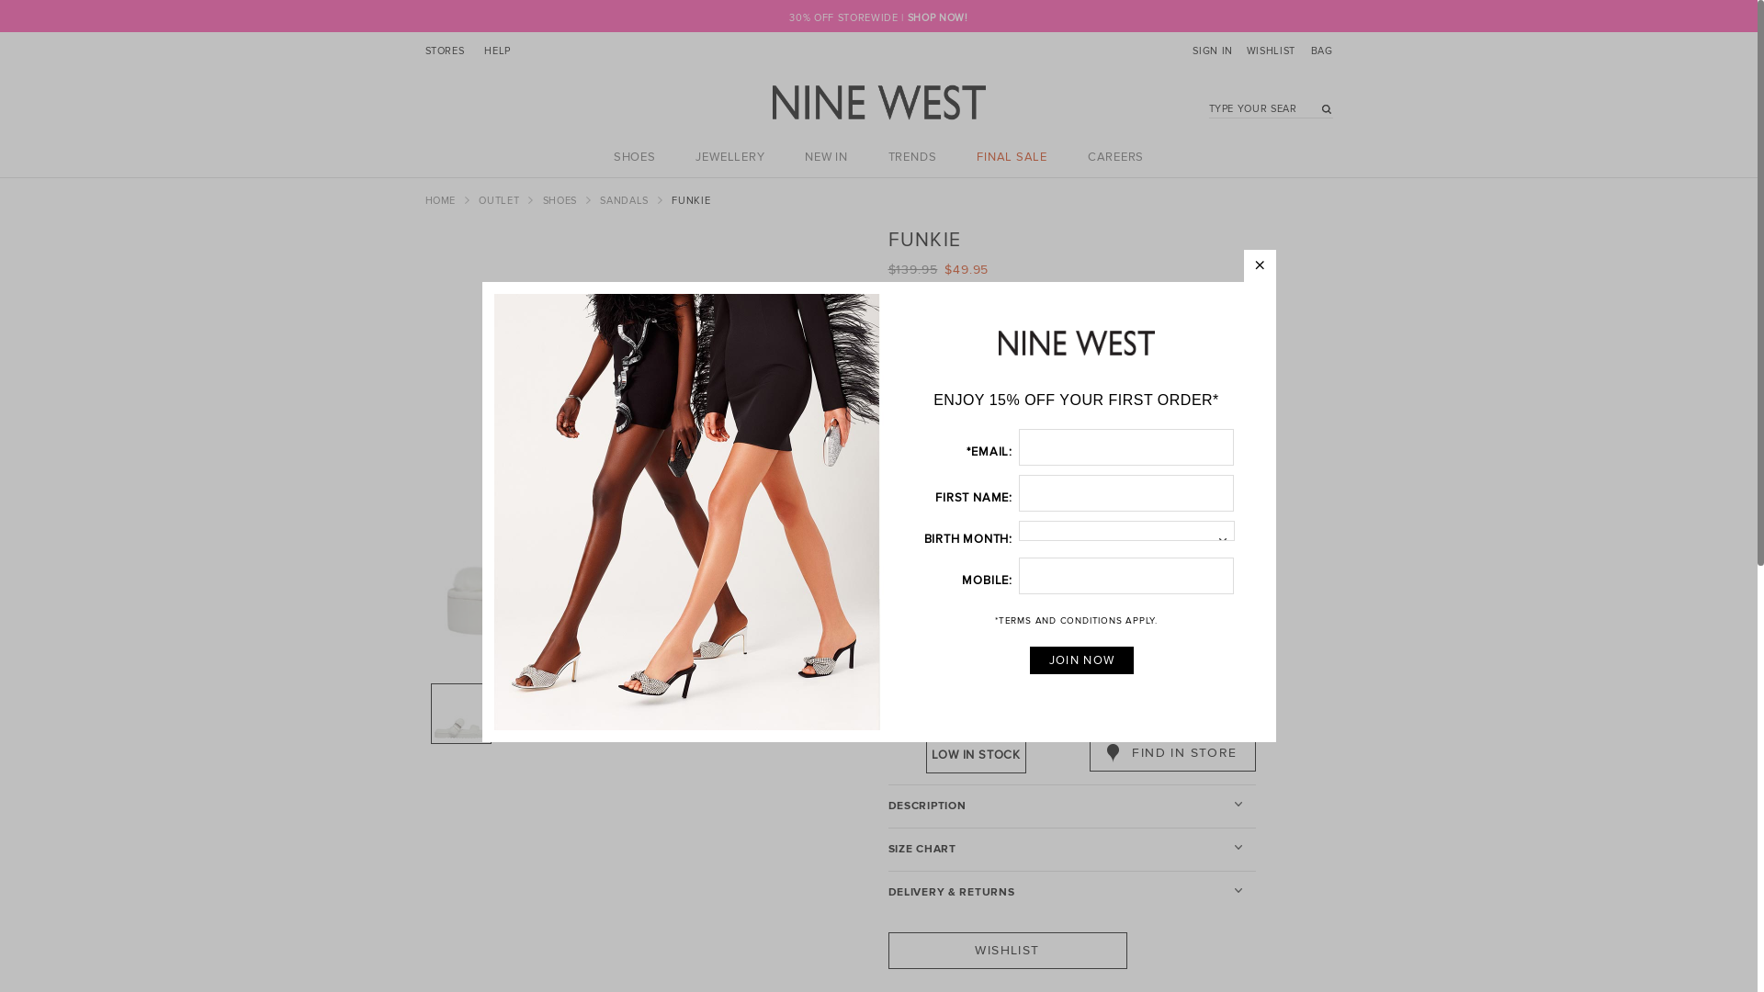  What do you see at coordinates (926, 449) in the screenshot?
I see `'5'` at bounding box center [926, 449].